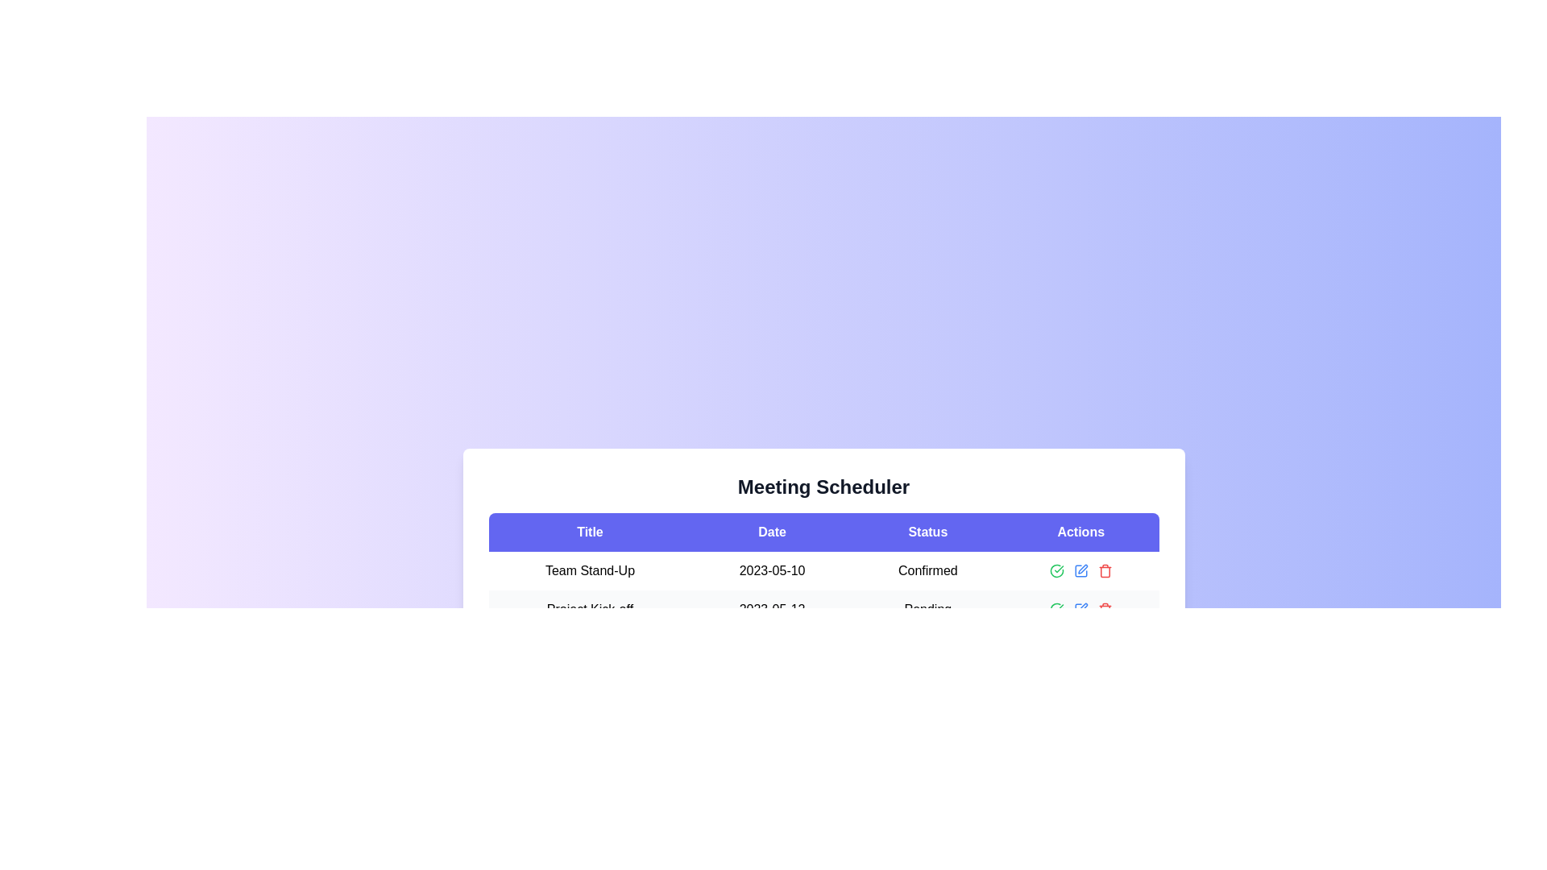 This screenshot has height=870, width=1547. I want to click on the 'Pending' text label located in the 'Status' column of the row for 'Project Kick-off' dated '2023-05-12', so click(927, 609).